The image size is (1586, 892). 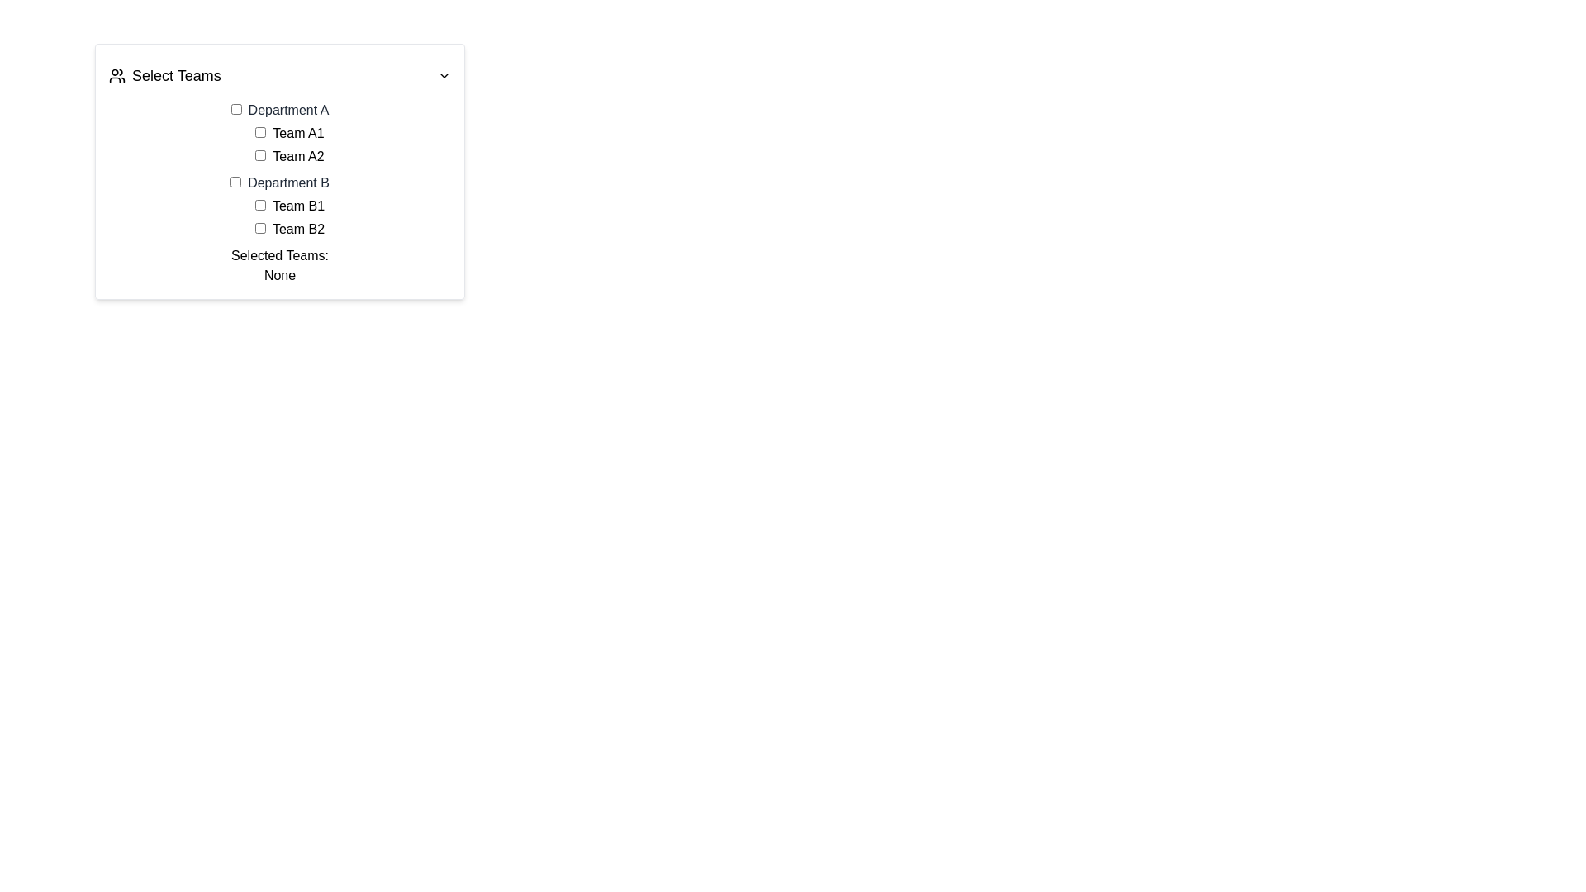 I want to click on text element displaying hierarchical information including 'Department A', 'Team A1', 'Team A2', 'Department B', 'Team B1', and 'Team B2', which is located below the 'Select Teams' label and above the 'Selected Teams: None' text, so click(x=280, y=169).